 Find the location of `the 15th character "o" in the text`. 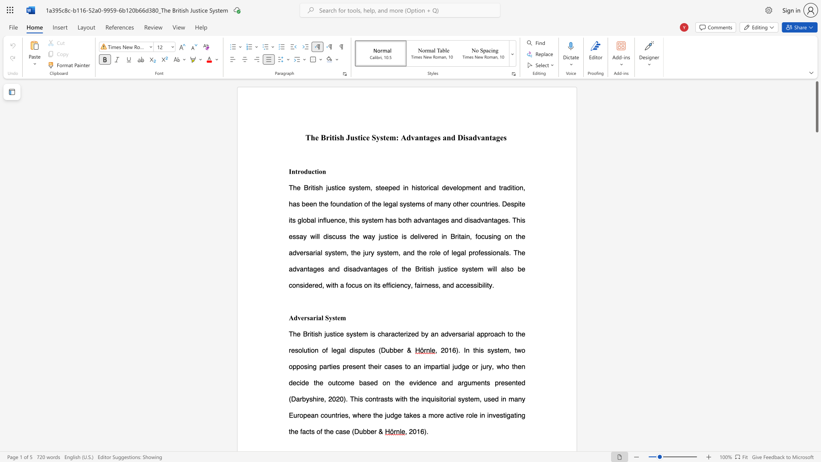

the 15th character "o" in the text is located at coordinates (445, 252).